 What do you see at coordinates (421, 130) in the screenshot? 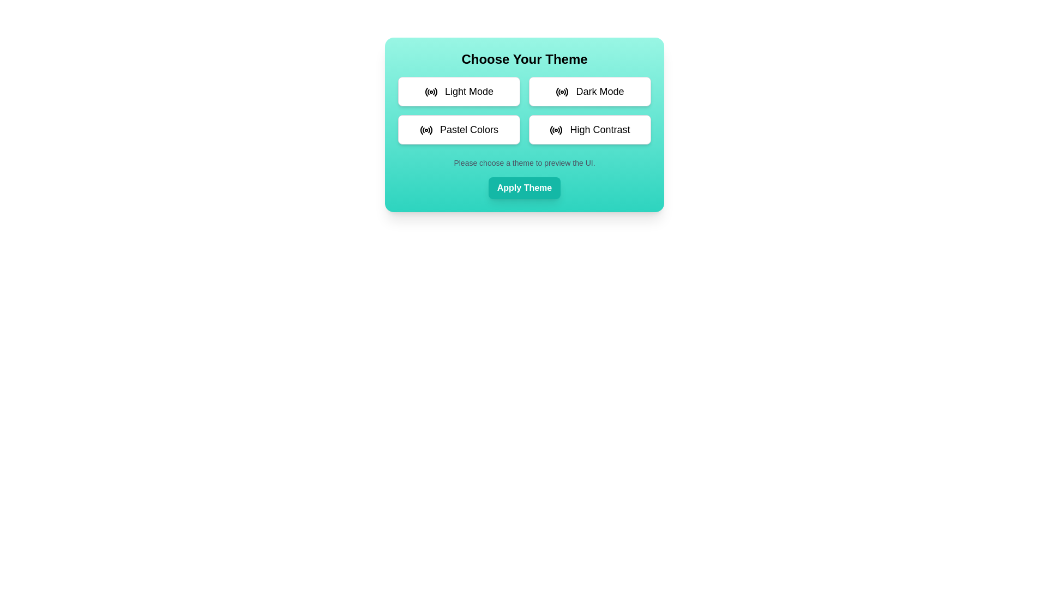
I see `attributes of the decorative icon component of the radio button for 'Pastel Colors', which is the first segment of the SVG icon` at bounding box center [421, 130].